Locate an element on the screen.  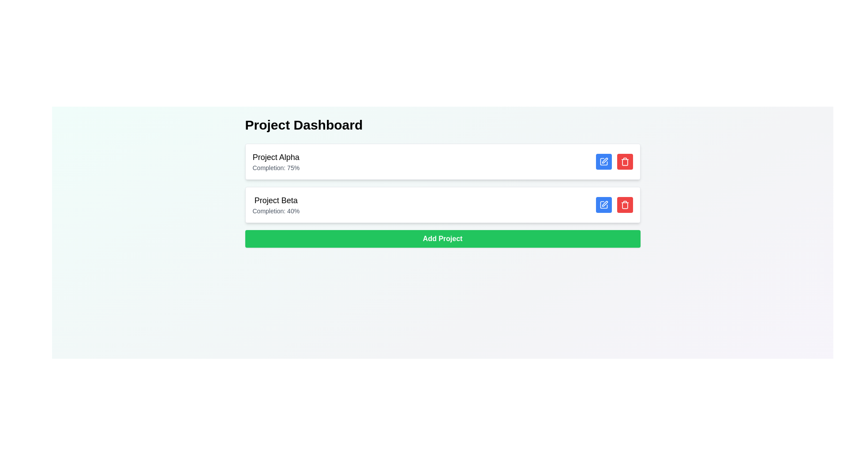
the leftmost button in the group of two on the right side of the 'Project Alpha' card to initiate editing of the project details is located at coordinates (603, 161).